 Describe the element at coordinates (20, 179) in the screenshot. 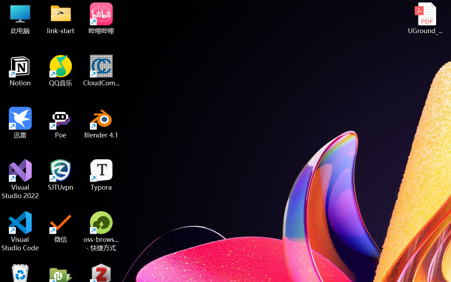

I see `'Visual Studio 2022'` at that location.